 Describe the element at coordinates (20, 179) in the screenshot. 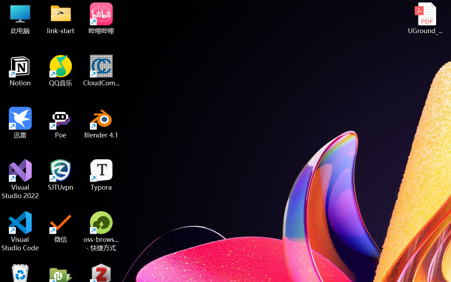

I see `'Visual Studio 2022'` at that location.